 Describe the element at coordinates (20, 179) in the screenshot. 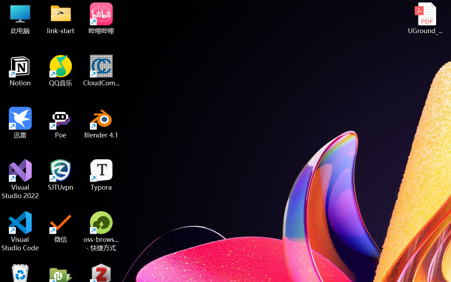

I see `'Visual Studio 2022'` at that location.